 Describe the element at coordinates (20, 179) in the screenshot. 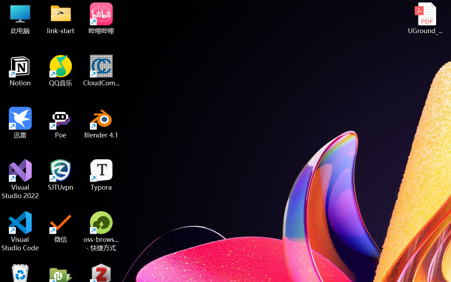

I see `'Visual Studio 2022'` at that location.